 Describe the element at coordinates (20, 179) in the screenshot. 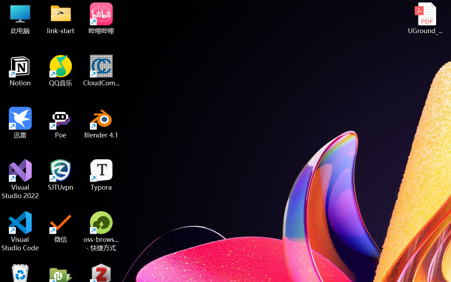

I see `'Visual Studio 2022'` at that location.